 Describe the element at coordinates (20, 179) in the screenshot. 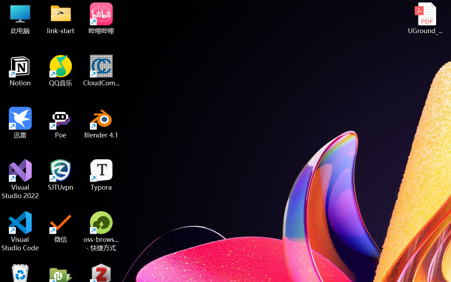

I see `'Visual Studio 2022'` at that location.